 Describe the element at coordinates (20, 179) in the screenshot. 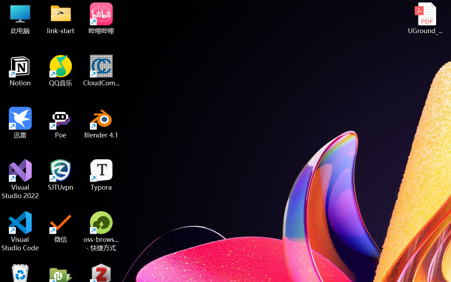

I see `'Visual Studio 2022'` at that location.